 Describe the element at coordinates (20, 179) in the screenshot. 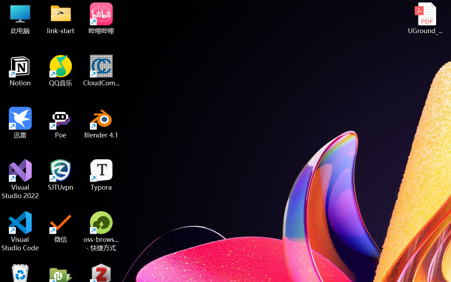

I see `'Visual Studio 2022'` at that location.